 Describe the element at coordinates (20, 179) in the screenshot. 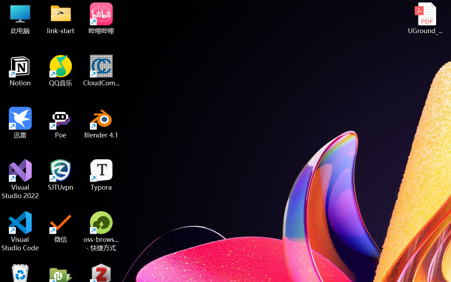

I see `'Visual Studio 2022'` at that location.